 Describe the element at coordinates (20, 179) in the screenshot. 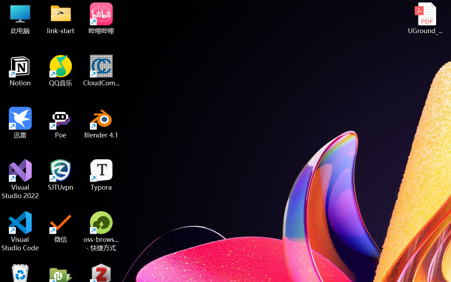

I see `'Visual Studio 2022'` at that location.